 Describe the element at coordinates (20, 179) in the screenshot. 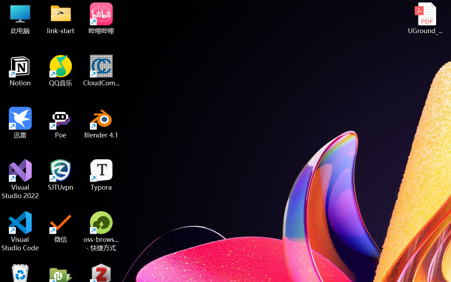

I see `'Visual Studio 2022'` at that location.